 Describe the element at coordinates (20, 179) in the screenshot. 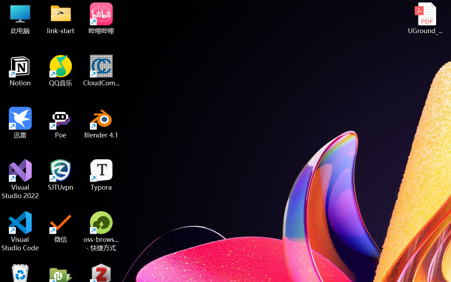

I see `'Visual Studio 2022'` at that location.